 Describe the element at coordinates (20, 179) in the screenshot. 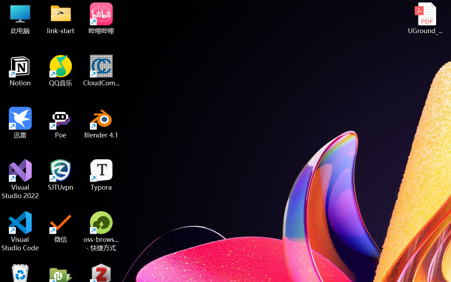

I see `'Visual Studio 2022'` at that location.